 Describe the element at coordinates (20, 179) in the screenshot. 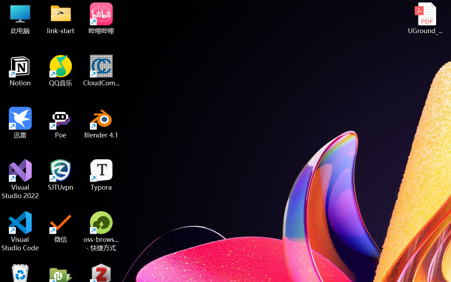

I see `'Visual Studio 2022'` at that location.